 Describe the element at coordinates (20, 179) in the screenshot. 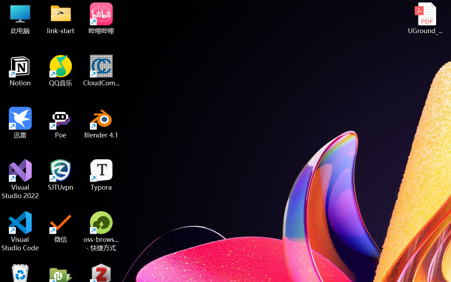

I see `'Visual Studio 2022'` at that location.